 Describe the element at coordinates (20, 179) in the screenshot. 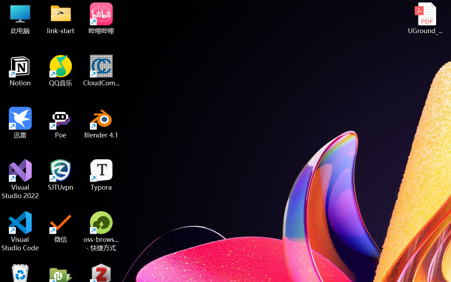

I see `'Visual Studio 2022'` at that location.